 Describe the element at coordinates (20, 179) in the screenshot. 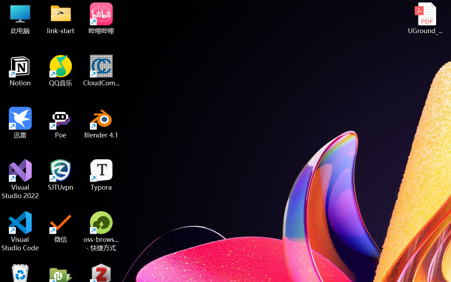

I see `'Visual Studio 2022'` at that location.